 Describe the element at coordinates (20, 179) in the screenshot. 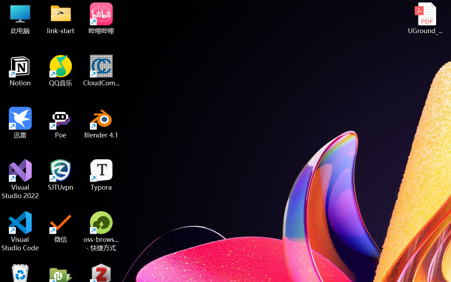

I see `'Visual Studio 2022'` at that location.